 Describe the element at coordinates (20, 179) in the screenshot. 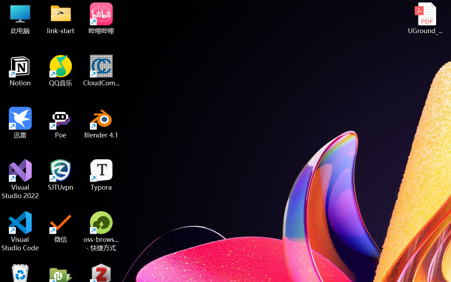

I see `'Visual Studio 2022'` at that location.